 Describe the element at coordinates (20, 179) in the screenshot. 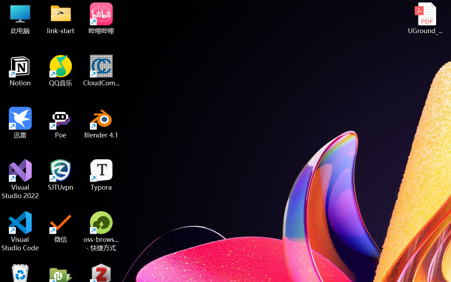

I see `'Visual Studio 2022'` at that location.